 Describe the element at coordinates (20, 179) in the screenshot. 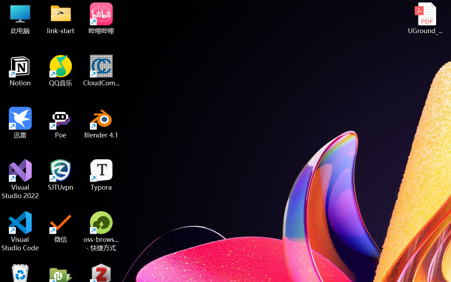

I see `'Visual Studio 2022'` at that location.